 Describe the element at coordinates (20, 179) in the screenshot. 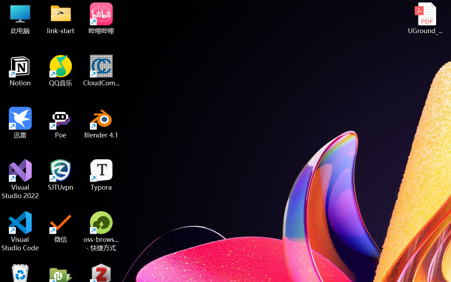

I see `'Visual Studio 2022'` at that location.